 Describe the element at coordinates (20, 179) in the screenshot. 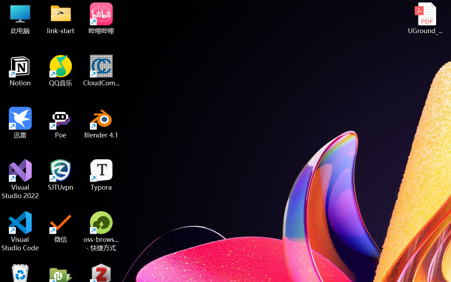

I see `'Visual Studio 2022'` at that location.